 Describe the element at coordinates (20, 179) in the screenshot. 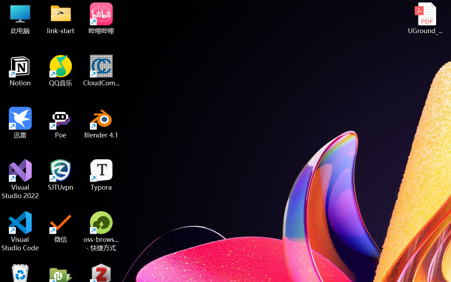

I see `'Visual Studio 2022'` at that location.